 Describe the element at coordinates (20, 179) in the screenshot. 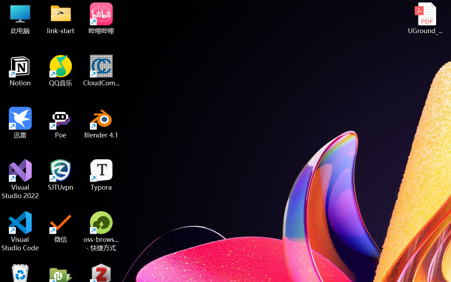

I see `'Visual Studio 2022'` at that location.